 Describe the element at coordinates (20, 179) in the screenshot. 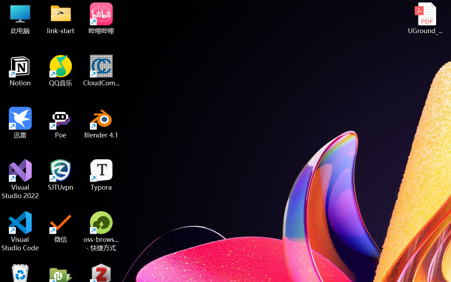

I see `'Visual Studio 2022'` at that location.